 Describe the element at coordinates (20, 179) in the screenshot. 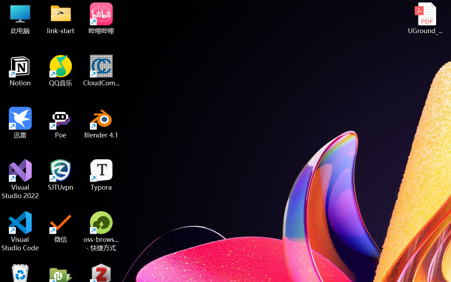

I see `'Visual Studio 2022'` at that location.